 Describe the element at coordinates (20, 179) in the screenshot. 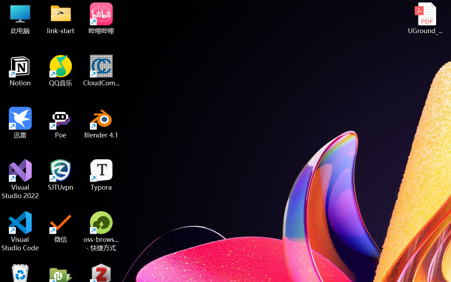

I see `'Visual Studio 2022'` at that location.